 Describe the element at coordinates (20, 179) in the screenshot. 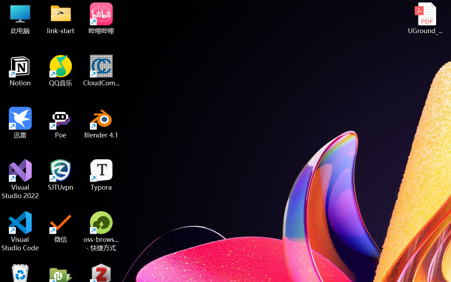

I see `'Visual Studio 2022'` at that location.